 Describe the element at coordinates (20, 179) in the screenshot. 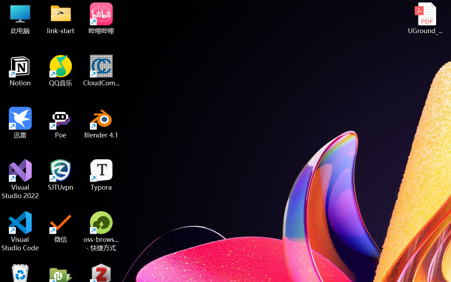

I see `'Visual Studio 2022'` at that location.